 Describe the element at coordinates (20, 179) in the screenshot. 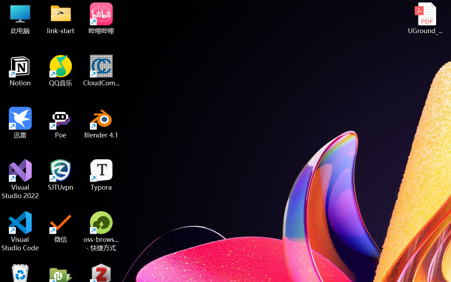

I see `'Visual Studio 2022'` at that location.